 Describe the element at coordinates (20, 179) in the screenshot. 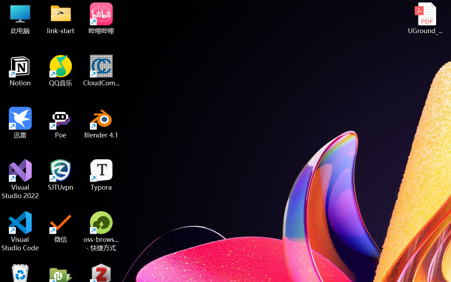

I see `'Visual Studio 2022'` at that location.